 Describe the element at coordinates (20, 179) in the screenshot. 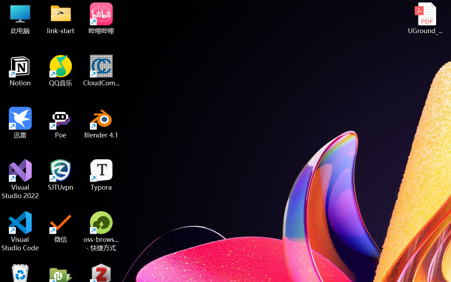

I see `'Visual Studio 2022'` at that location.